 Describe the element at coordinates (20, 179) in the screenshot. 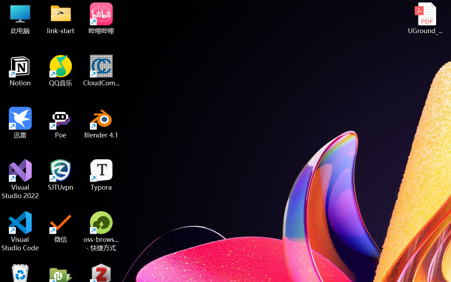

I see `'Visual Studio 2022'` at that location.